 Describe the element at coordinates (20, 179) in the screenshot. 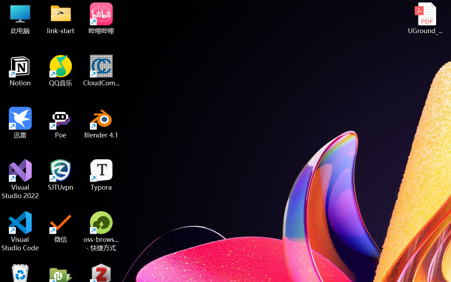

I see `'Visual Studio 2022'` at that location.